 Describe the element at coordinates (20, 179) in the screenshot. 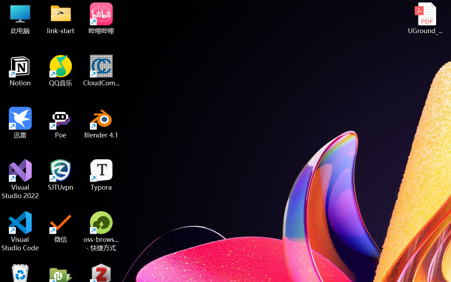

I see `'Visual Studio 2022'` at that location.